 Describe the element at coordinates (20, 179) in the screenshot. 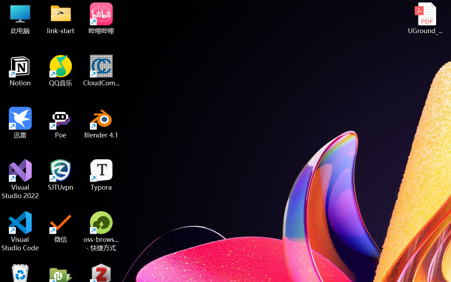

I see `'Visual Studio 2022'` at that location.